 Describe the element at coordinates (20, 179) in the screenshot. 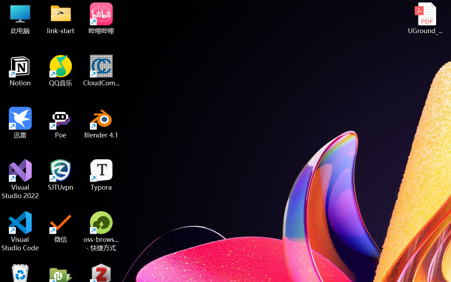

I see `'Visual Studio 2022'` at that location.